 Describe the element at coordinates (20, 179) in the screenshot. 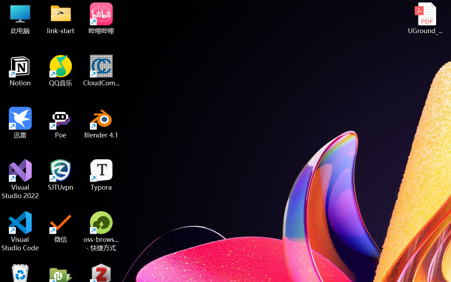

I see `'Visual Studio 2022'` at that location.